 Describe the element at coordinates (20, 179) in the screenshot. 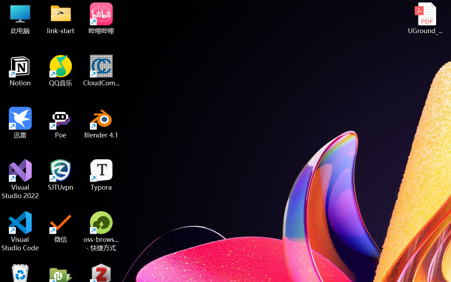

I see `'Visual Studio 2022'` at that location.